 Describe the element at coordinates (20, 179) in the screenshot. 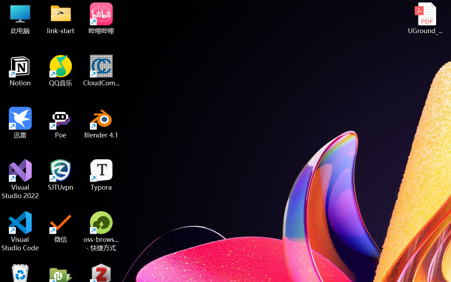

I see `'Visual Studio 2022'` at that location.